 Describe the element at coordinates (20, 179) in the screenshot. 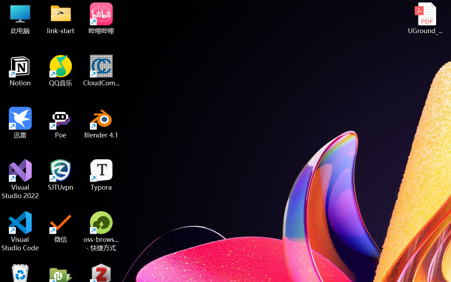

I see `'Visual Studio 2022'` at that location.